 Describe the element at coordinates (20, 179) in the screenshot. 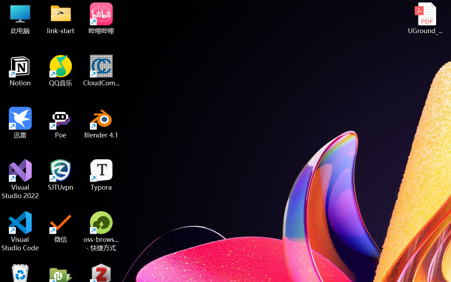

I see `'Visual Studio 2022'` at that location.